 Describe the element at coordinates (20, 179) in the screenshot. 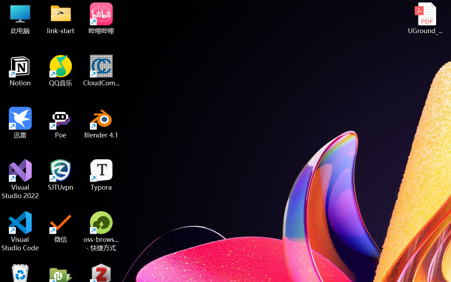

I see `'Visual Studio 2022'` at that location.